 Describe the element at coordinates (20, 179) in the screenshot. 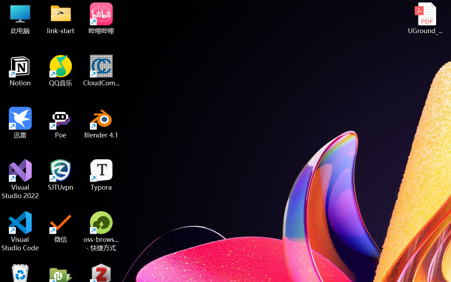

I see `'Visual Studio 2022'` at that location.